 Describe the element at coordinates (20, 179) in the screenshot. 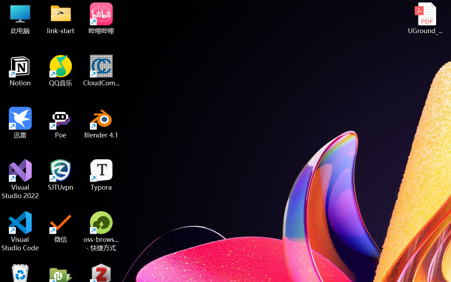

I see `'Visual Studio 2022'` at that location.